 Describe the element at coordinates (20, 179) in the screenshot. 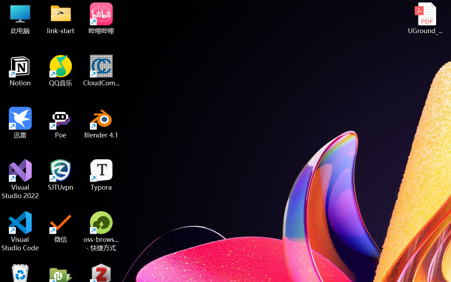

I see `'Visual Studio 2022'` at that location.